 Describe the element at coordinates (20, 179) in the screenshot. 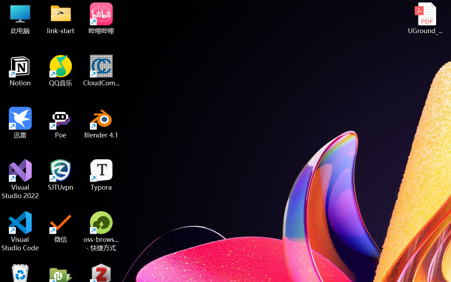

I see `'Visual Studio 2022'` at that location.